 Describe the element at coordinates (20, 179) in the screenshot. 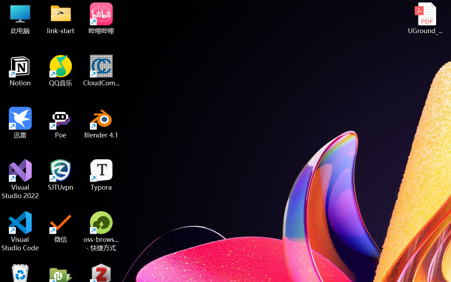

I see `'Visual Studio 2022'` at that location.